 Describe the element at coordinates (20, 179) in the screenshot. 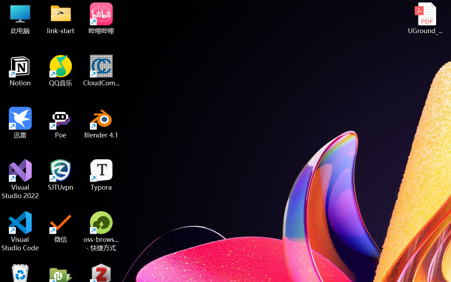

I see `'Visual Studio 2022'` at that location.